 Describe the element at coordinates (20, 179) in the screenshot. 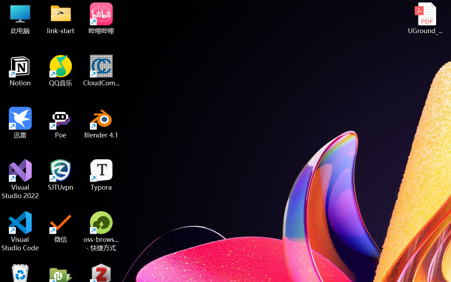

I see `'Visual Studio 2022'` at that location.